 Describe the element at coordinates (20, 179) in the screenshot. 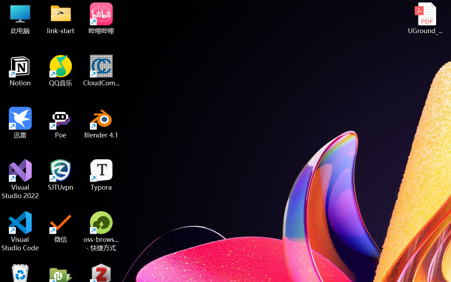

I see `'Visual Studio 2022'` at that location.